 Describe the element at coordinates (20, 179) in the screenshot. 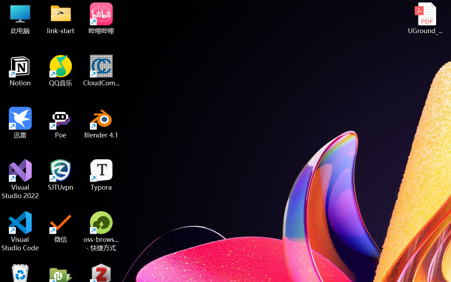

I see `'Visual Studio 2022'` at that location.